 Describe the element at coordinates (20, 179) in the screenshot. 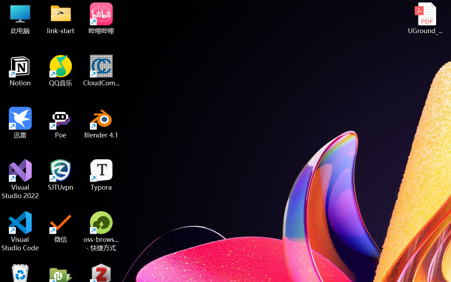

I see `'Visual Studio 2022'` at that location.